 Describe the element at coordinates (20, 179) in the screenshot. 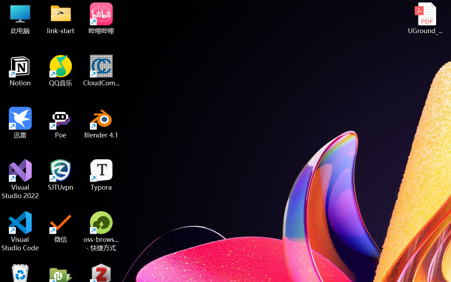

I see `'Visual Studio 2022'` at that location.